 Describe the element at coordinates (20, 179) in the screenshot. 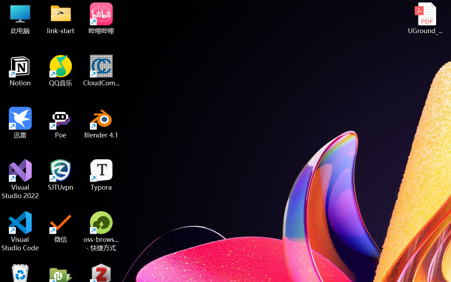

I see `'Visual Studio 2022'` at that location.